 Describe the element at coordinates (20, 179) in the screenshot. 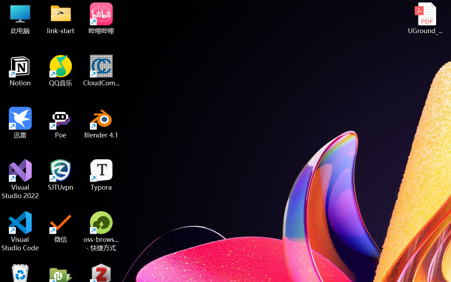

I see `'Visual Studio 2022'` at that location.